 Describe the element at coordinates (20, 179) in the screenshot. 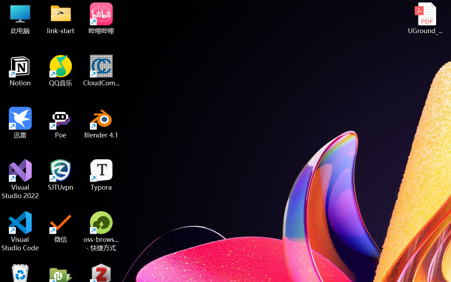

I see `'Visual Studio 2022'` at that location.